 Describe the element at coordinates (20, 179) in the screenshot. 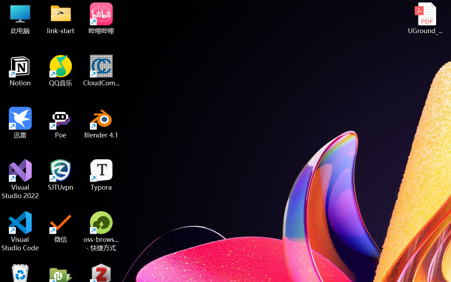

I see `'Visual Studio 2022'` at that location.